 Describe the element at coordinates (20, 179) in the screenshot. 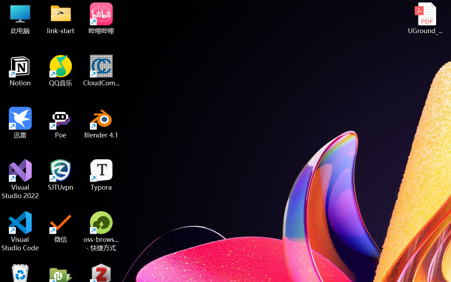

I see `'Visual Studio 2022'` at that location.